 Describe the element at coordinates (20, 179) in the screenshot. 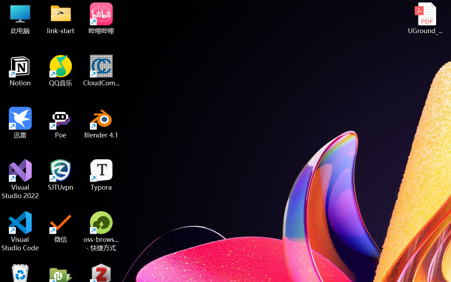

I see `'Visual Studio 2022'` at that location.